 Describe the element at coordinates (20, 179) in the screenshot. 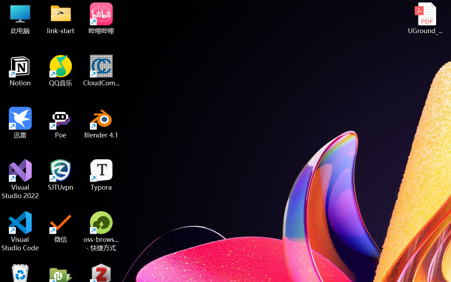

I see `'Visual Studio 2022'` at that location.